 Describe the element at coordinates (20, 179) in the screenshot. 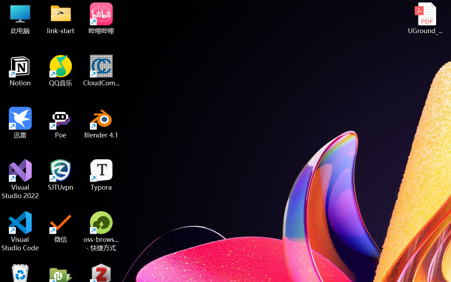

I see `'Visual Studio 2022'` at that location.